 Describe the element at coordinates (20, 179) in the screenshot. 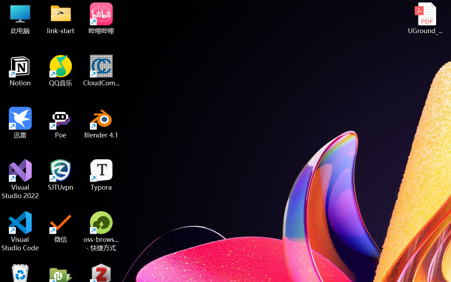

I see `'Visual Studio 2022'` at that location.